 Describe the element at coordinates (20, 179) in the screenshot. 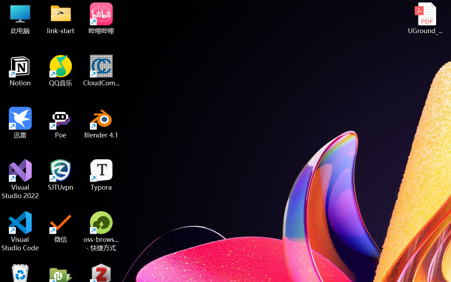

I see `'Visual Studio 2022'` at that location.